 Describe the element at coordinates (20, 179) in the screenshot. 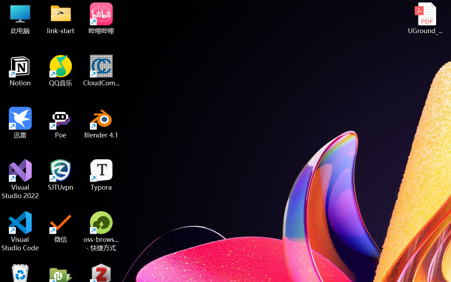

I see `'Visual Studio 2022'` at that location.